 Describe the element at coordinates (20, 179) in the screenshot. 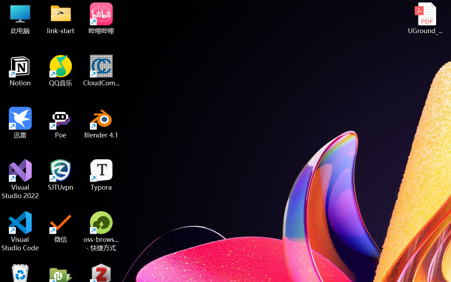

I see `'Visual Studio 2022'` at that location.